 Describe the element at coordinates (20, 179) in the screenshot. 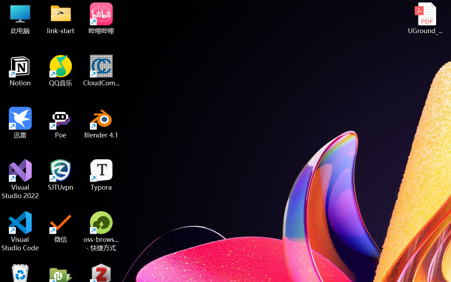

I see `'Visual Studio 2022'` at that location.